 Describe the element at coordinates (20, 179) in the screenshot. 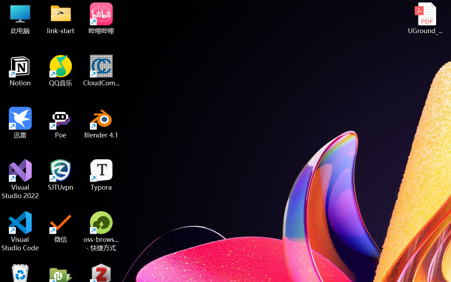

I see `'Visual Studio 2022'` at that location.